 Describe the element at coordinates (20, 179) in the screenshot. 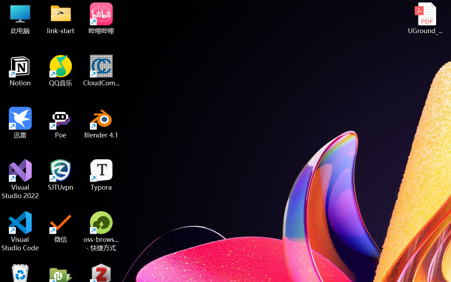

I see `'Visual Studio 2022'` at that location.